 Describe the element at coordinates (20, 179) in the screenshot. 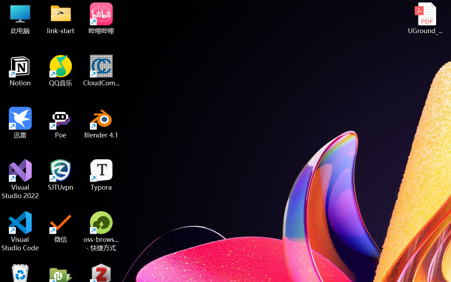

I see `'Visual Studio 2022'` at that location.